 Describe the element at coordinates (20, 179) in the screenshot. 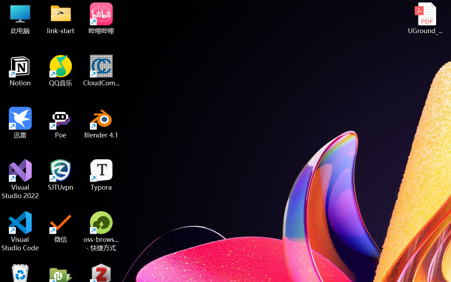

I see `'Visual Studio 2022'` at that location.